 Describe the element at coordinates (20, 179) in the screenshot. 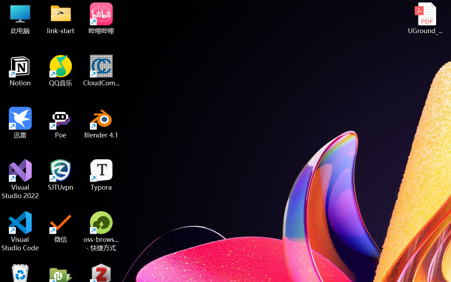

I see `'Visual Studio 2022'` at that location.